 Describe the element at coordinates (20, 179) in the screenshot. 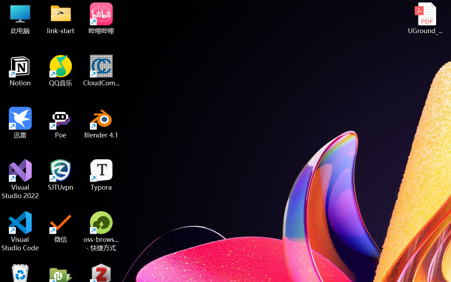

I see `'Visual Studio 2022'` at that location.